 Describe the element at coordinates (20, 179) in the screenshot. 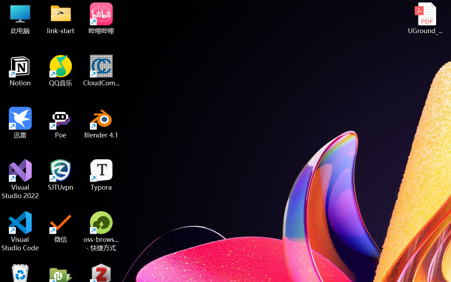

I see `'Visual Studio 2022'` at that location.